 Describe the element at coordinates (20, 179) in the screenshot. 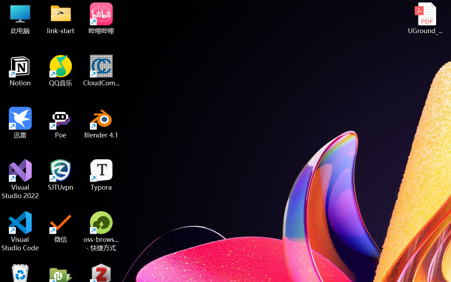

I see `'Visual Studio 2022'` at that location.